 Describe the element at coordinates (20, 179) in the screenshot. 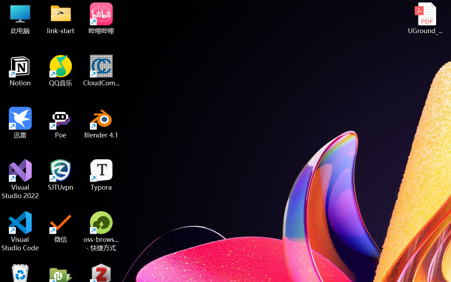

I see `'Visual Studio 2022'` at that location.